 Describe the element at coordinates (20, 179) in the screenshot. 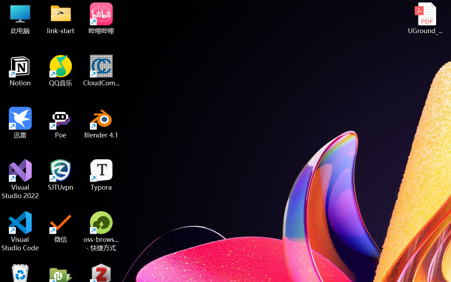

I see `'Visual Studio 2022'` at that location.